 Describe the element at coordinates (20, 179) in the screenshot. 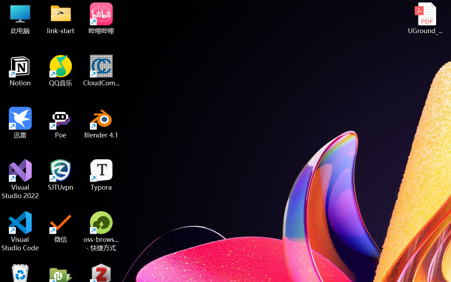

I see `'Visual Studio 2022'` at that location.